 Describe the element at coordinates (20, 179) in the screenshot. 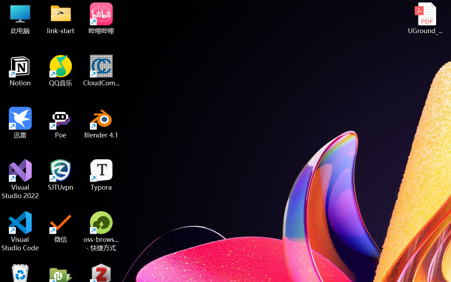

I see `'Visual Studio 2022'` at that location.